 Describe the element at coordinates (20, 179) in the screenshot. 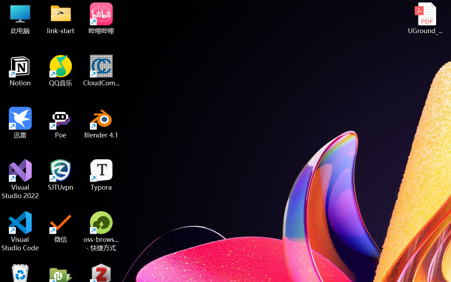

I see `'Visual Studio 2022'` at that location.